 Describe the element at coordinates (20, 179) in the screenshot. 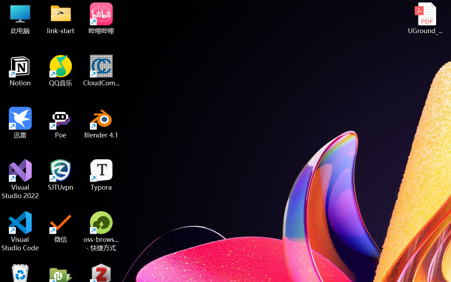

I see `'Visual Studio 2022'` at that location.